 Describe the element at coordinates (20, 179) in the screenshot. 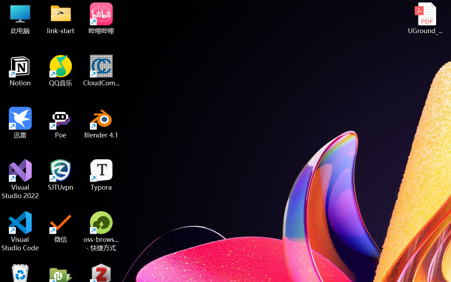

I see `'Visual Studio 2022'` at that location.